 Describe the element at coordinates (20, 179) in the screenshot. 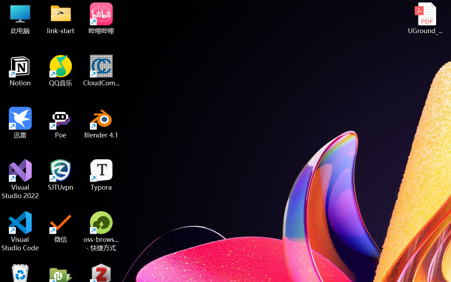

I see `'Visual Studio 2022'` at that location.